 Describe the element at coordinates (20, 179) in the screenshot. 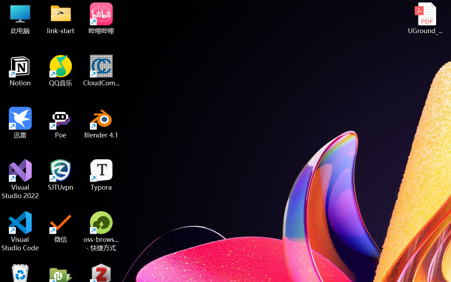

I see `'Visual Studio 2022'` at that location.